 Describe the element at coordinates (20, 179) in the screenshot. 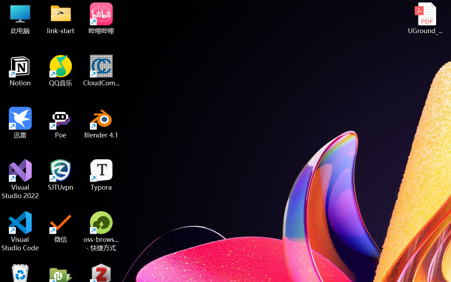

I see `'Visual Studio 2022'` at that location.